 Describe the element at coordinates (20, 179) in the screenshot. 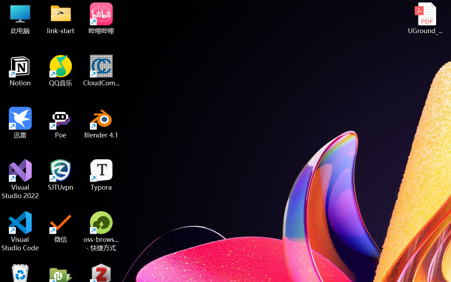

I see `'Visual Studio 2022'` at that location.